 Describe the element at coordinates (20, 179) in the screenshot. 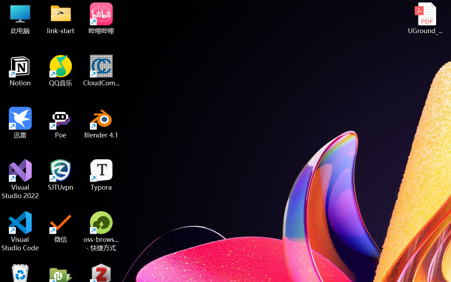

I see `'Visual Studio 2022'` at that location.